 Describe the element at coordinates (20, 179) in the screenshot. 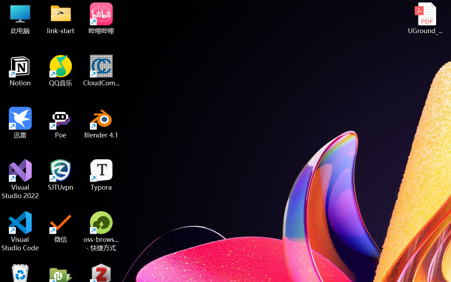

I see `'Visual Studio 2022'` at that location.